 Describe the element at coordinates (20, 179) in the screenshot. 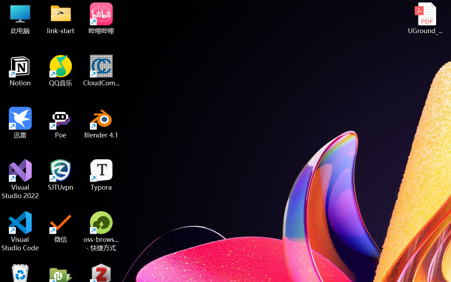

I see `'Visual Studio 2022'` at that location.